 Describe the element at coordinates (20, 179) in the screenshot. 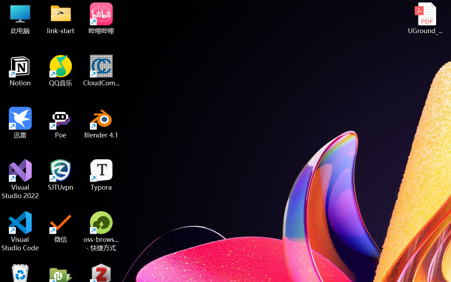

I see `'Visual Studio 2022'` at that location.